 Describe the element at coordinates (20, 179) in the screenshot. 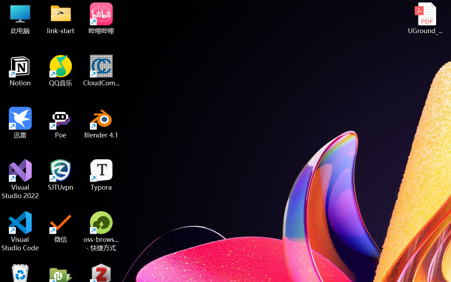

I see `'Visual Studio 2022'` at that location.